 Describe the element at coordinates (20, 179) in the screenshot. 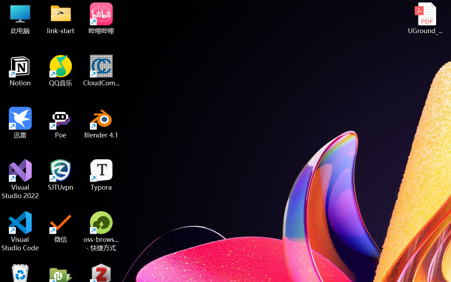

I see `'Visual Studio 2022'` at that location.